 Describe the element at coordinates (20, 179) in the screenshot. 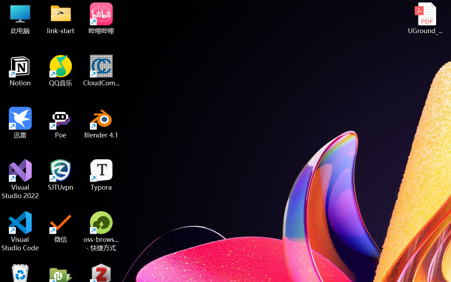

I see `'Visual Studio 2022'` at that location.